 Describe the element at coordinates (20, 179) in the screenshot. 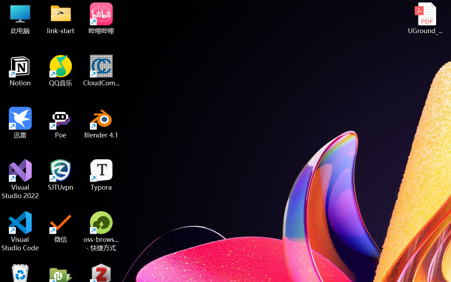

I see `'Visual Studio 2022'` at that location.